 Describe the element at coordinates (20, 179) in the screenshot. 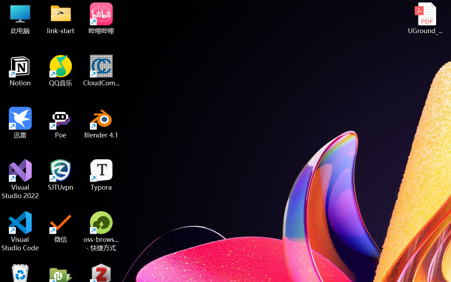

I see `'Visual Studio 2022'` at that location.